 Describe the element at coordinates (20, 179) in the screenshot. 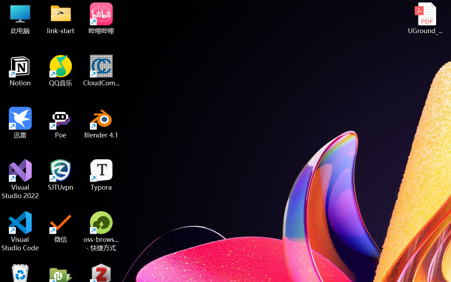

I see `'Visual Studio 2022'` at that location.